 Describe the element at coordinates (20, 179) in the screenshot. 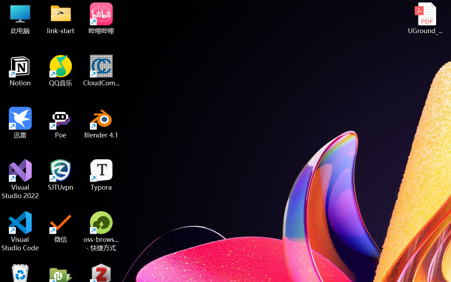

I see `'Visual Studio 2022'` at that location.